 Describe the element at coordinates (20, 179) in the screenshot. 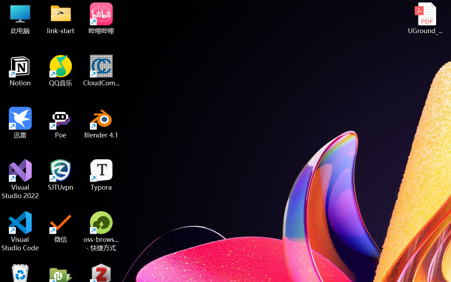

I see `'Visual Studio 2022'` at that location.